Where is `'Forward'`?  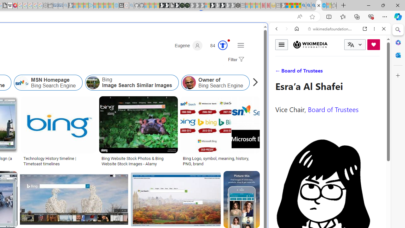 'Forward' is located at coordinates (286, 29).